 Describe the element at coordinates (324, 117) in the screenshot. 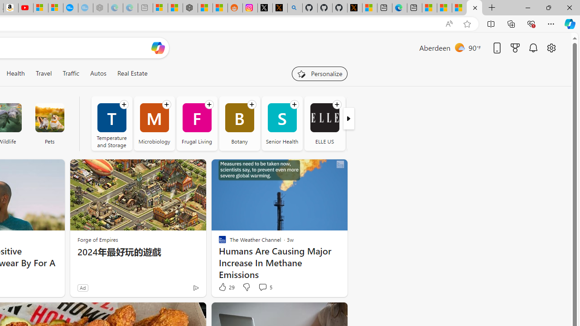

I see `'ELLE US'` at that location.